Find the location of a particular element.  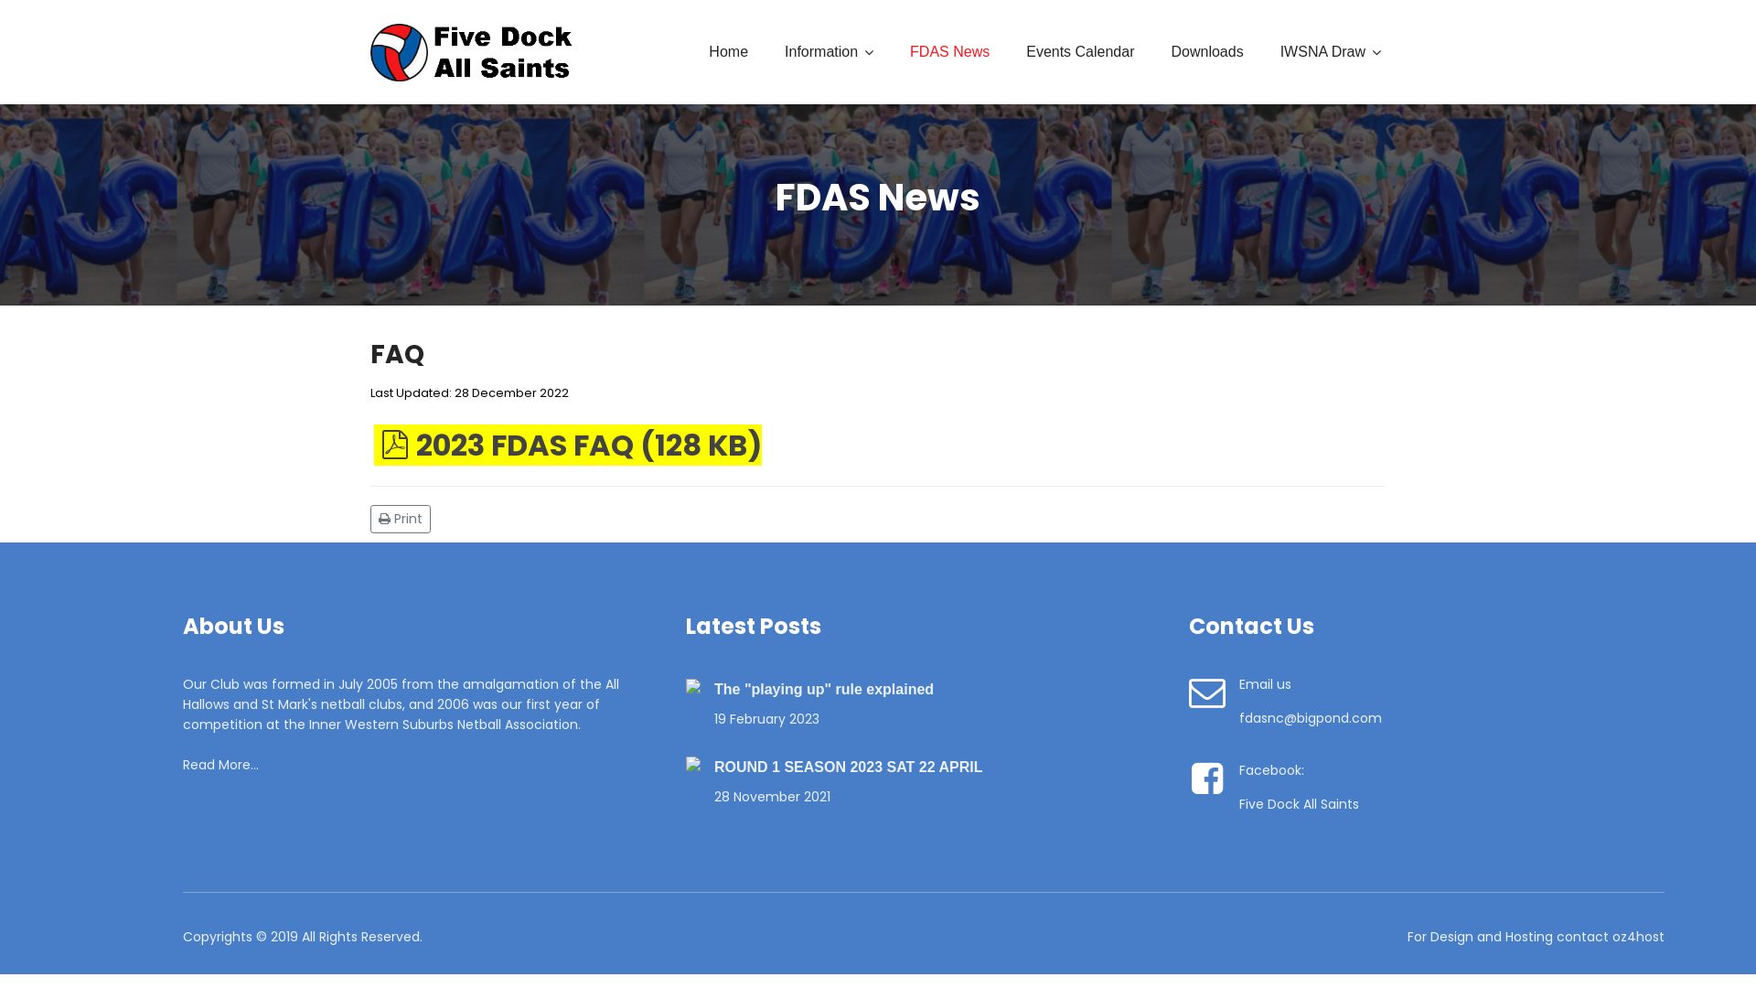

'Information' is located at coordinates (766, 51).